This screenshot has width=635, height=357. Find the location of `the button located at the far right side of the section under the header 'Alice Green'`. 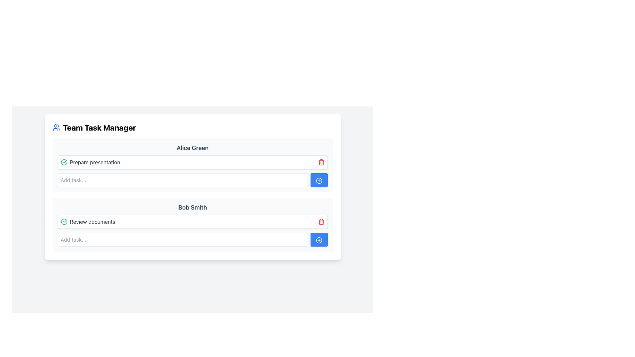

the button located at the far right side of the section under the header 'Alice Green' is located at coordinates (319, 180).